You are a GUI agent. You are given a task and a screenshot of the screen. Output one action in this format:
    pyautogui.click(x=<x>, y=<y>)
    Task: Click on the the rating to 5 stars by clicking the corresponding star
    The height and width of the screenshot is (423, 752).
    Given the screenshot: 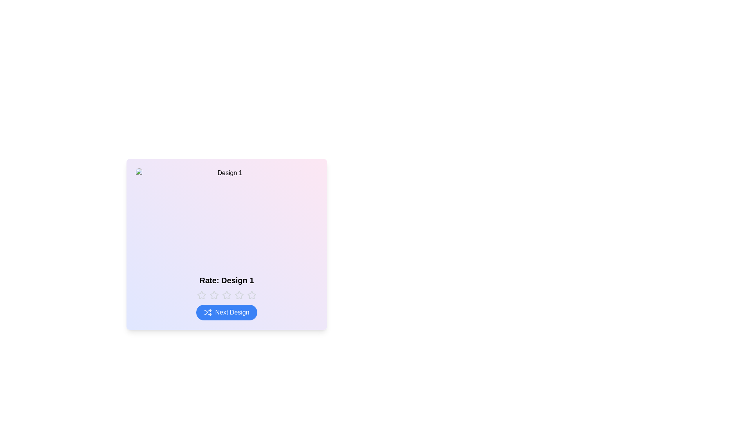 What is the action you would take?
    pyautogui.click(x=252, y=295)
    